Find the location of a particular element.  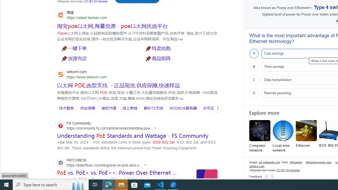

'Local area network' is located at coordinates (283, 136).